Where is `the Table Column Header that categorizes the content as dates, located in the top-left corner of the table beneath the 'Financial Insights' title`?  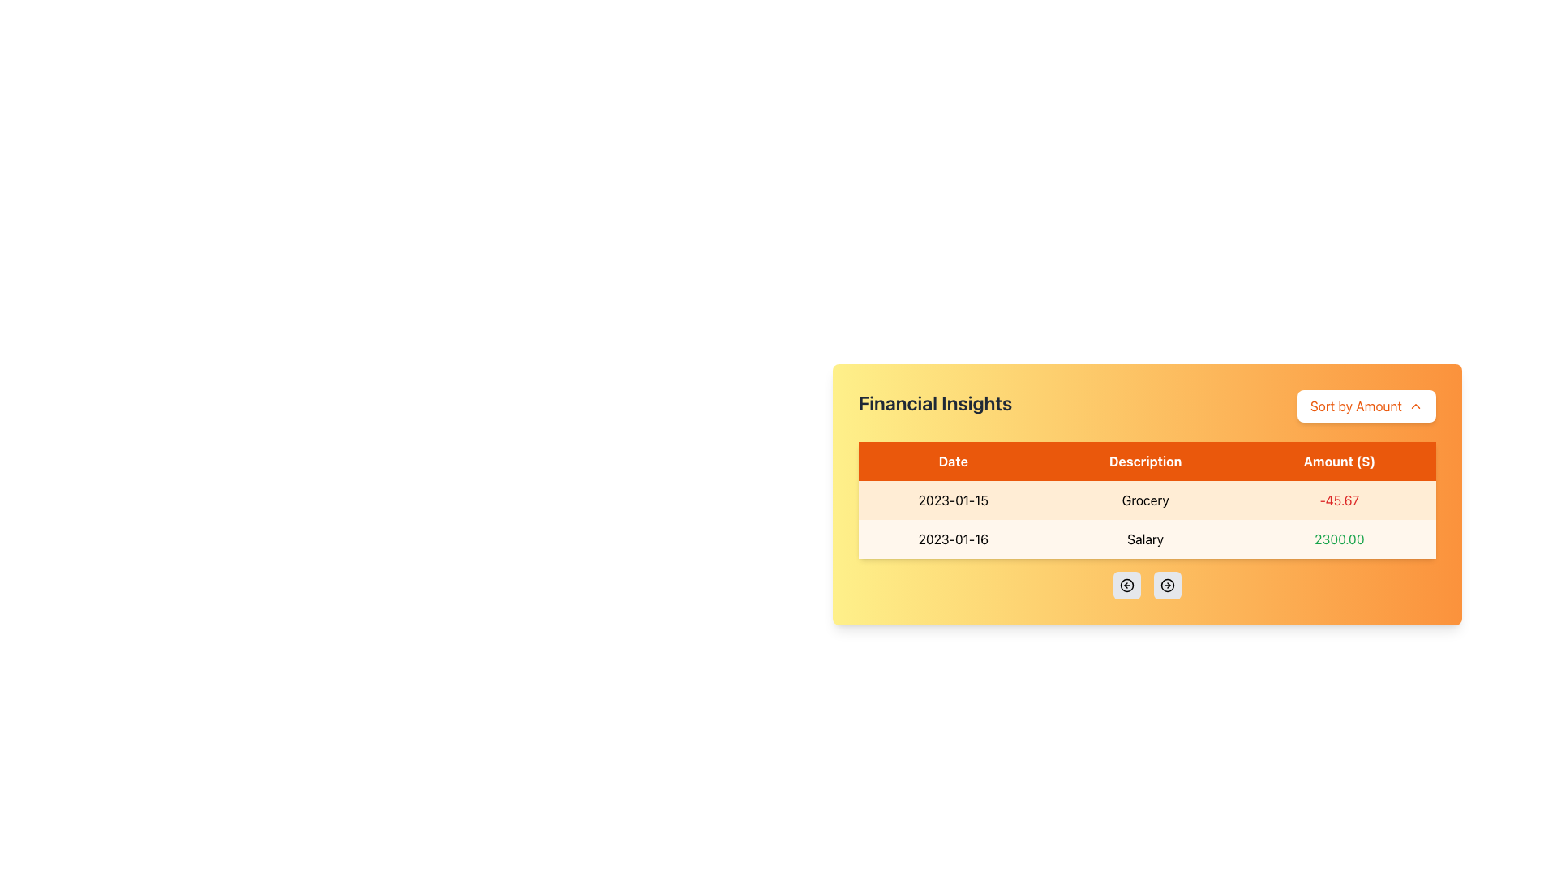
the Table Column Header that categorizes the content as dates, located in the top-left corner of the table beneath the 'Financial Insights' title is located at coordinates (953, 462).